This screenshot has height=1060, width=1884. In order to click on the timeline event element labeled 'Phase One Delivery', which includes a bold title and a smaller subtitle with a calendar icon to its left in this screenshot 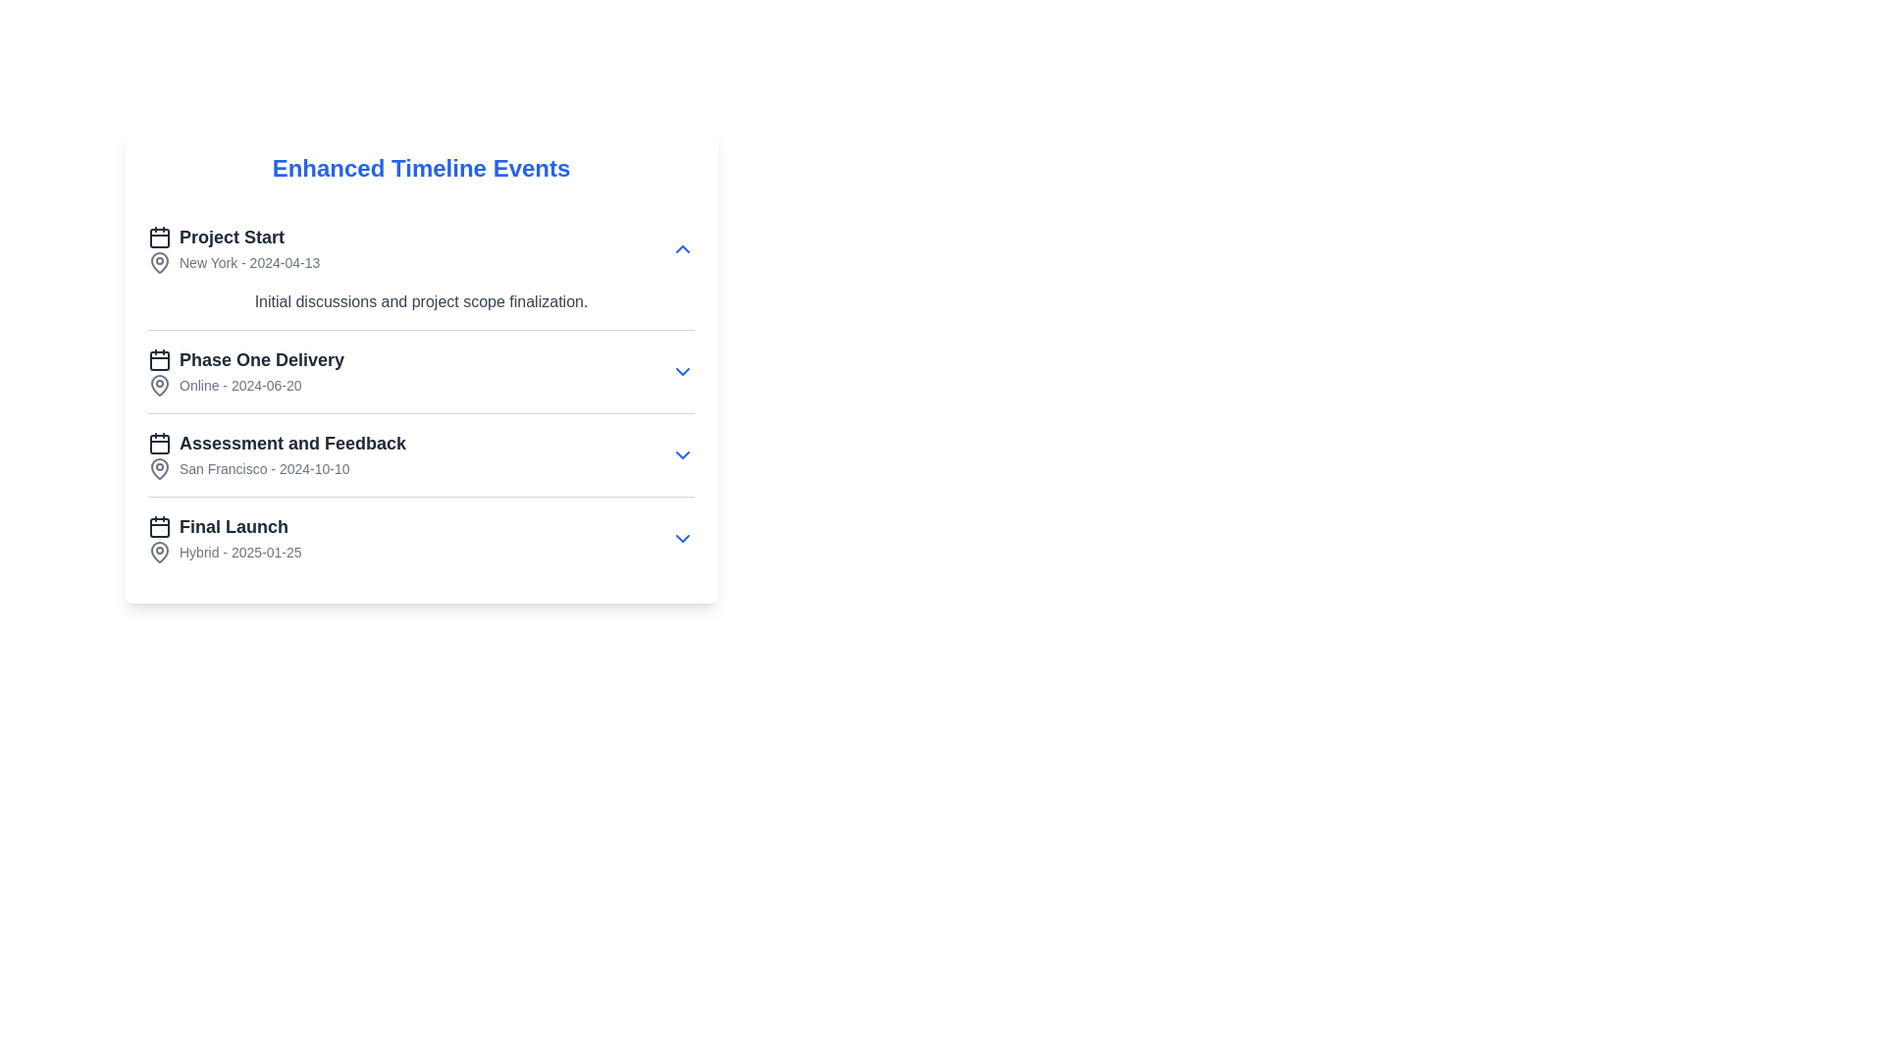, I will do `click(245, 371)`.